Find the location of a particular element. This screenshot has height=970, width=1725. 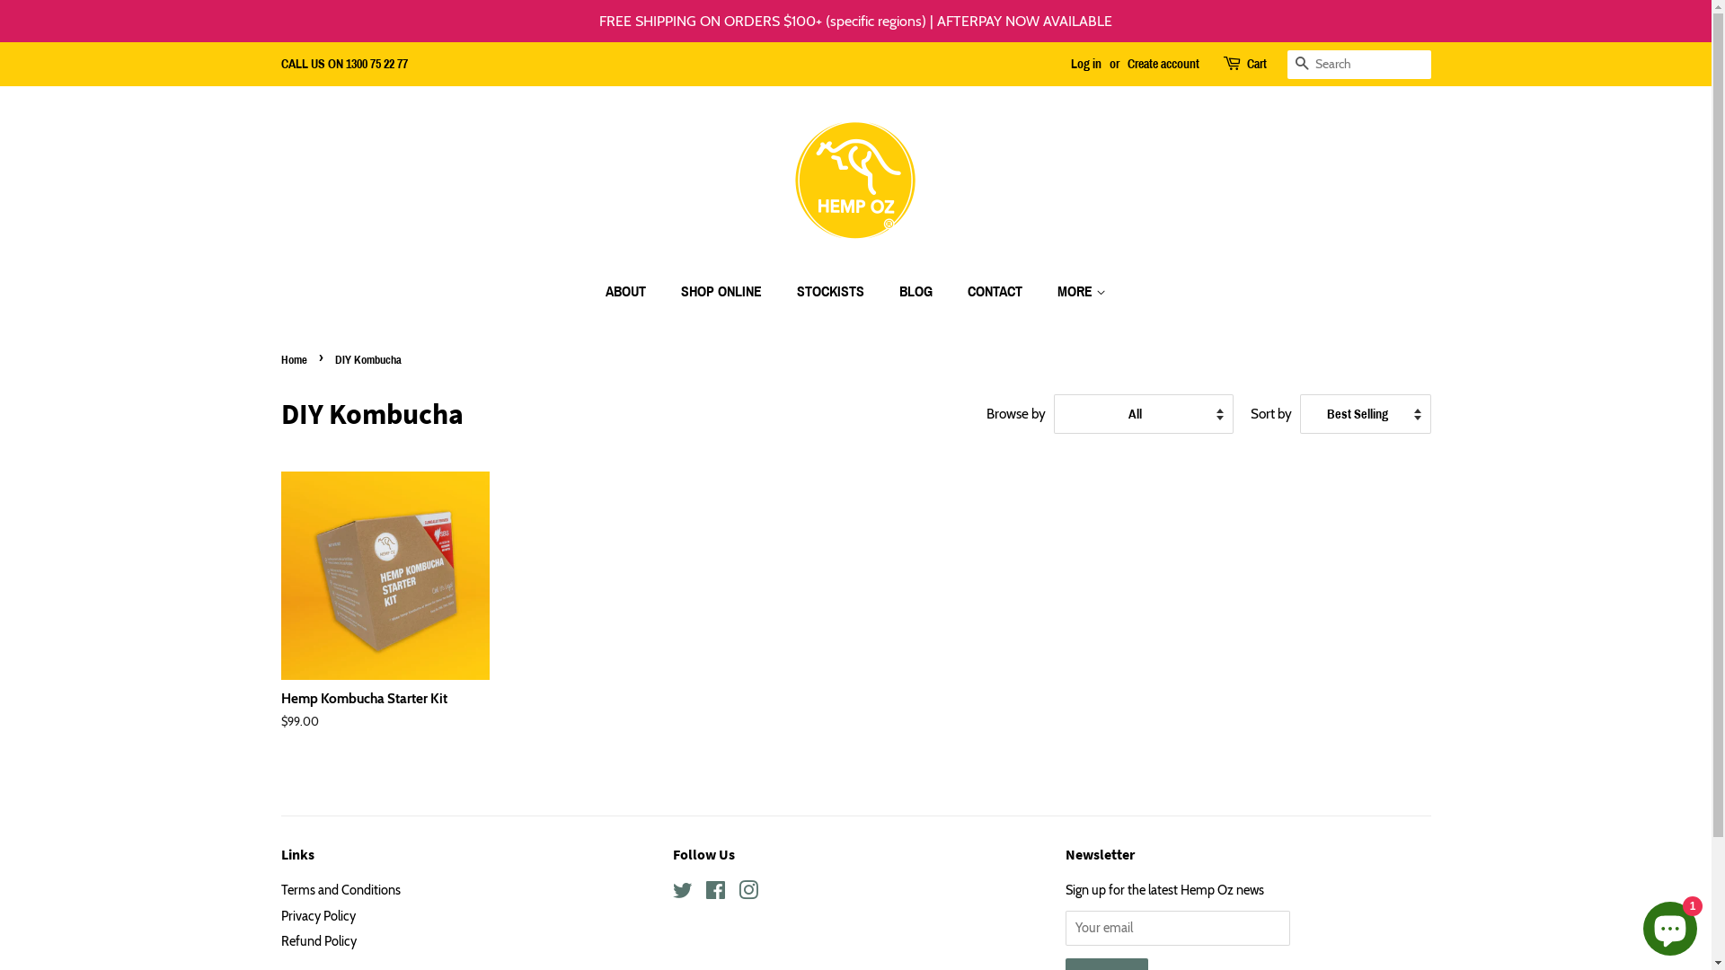

'STOCKISTS' is located at coordinates (831, 290).